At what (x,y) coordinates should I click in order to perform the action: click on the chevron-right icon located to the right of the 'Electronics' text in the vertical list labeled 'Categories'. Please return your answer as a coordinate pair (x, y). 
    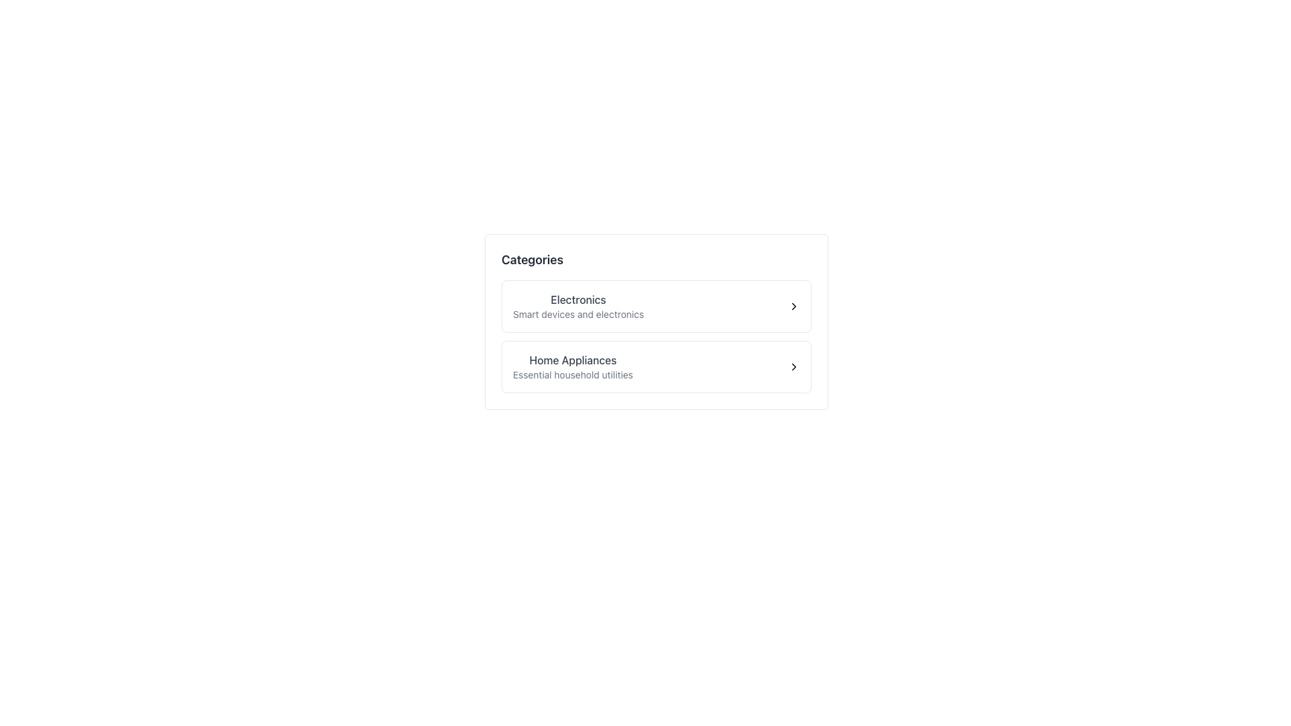
    Looking at the image, I should click on (793, 306).